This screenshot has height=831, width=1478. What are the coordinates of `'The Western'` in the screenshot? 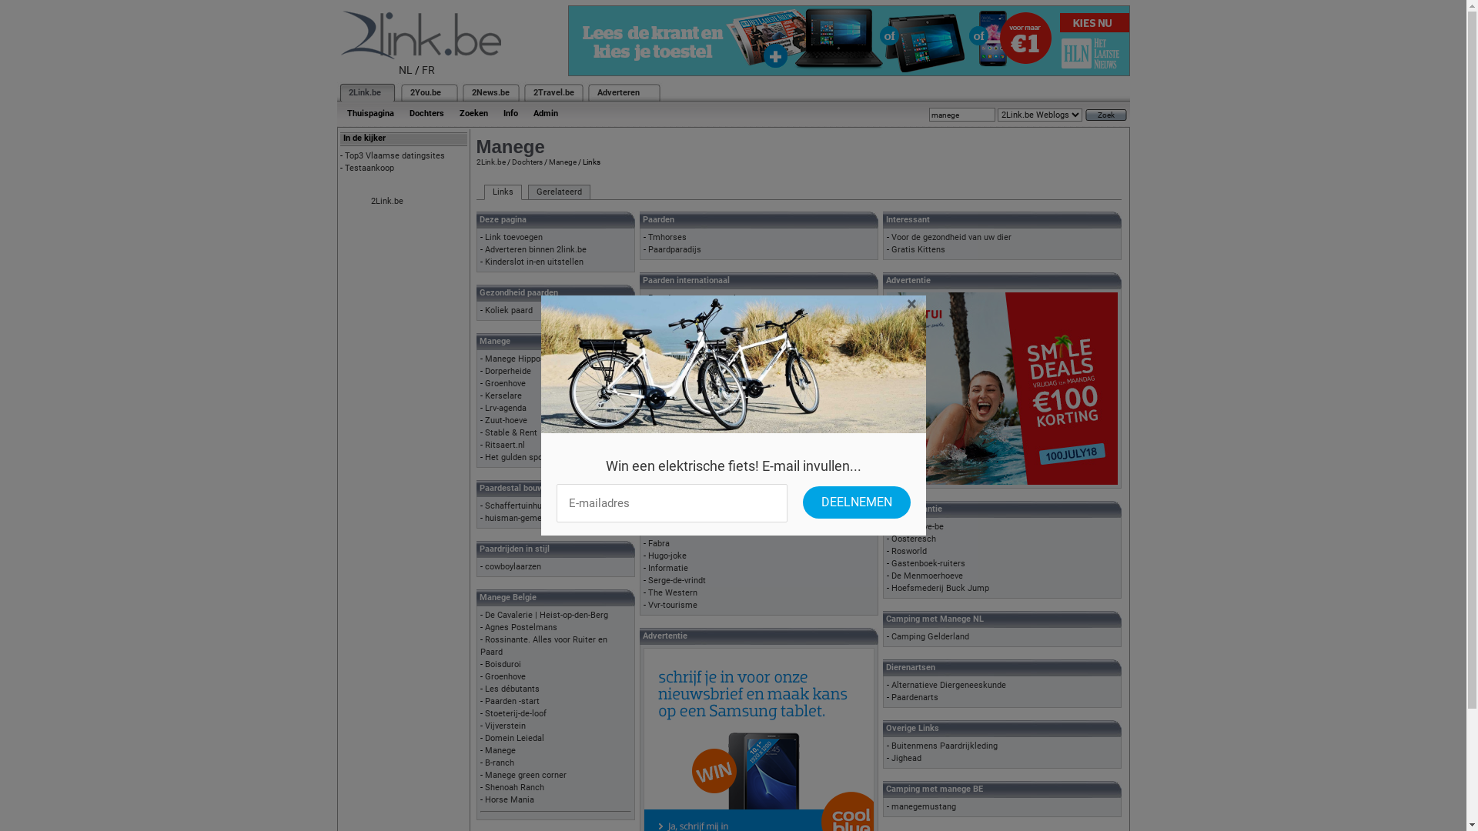 It's located at (672, 592).